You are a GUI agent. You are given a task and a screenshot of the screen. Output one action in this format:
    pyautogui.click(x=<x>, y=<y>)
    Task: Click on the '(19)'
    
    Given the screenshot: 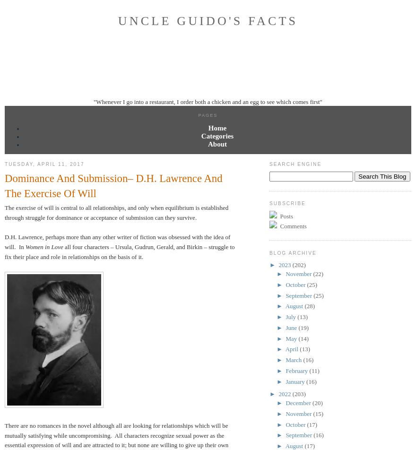 What is the action you would take?
    pyautogui.click(x=298, y=327)
    